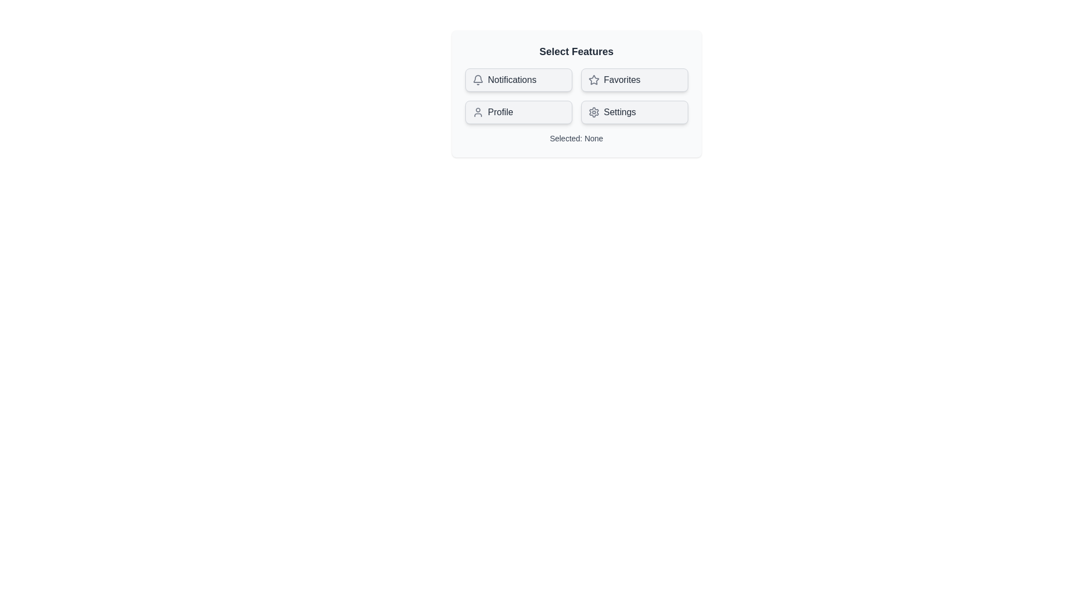 This screenshot has width=1070, height=601. Describe the element at coordinates (576, 51) in the screenshot. I see `the text 'Select Features' to select it for copy or edit` at that location.